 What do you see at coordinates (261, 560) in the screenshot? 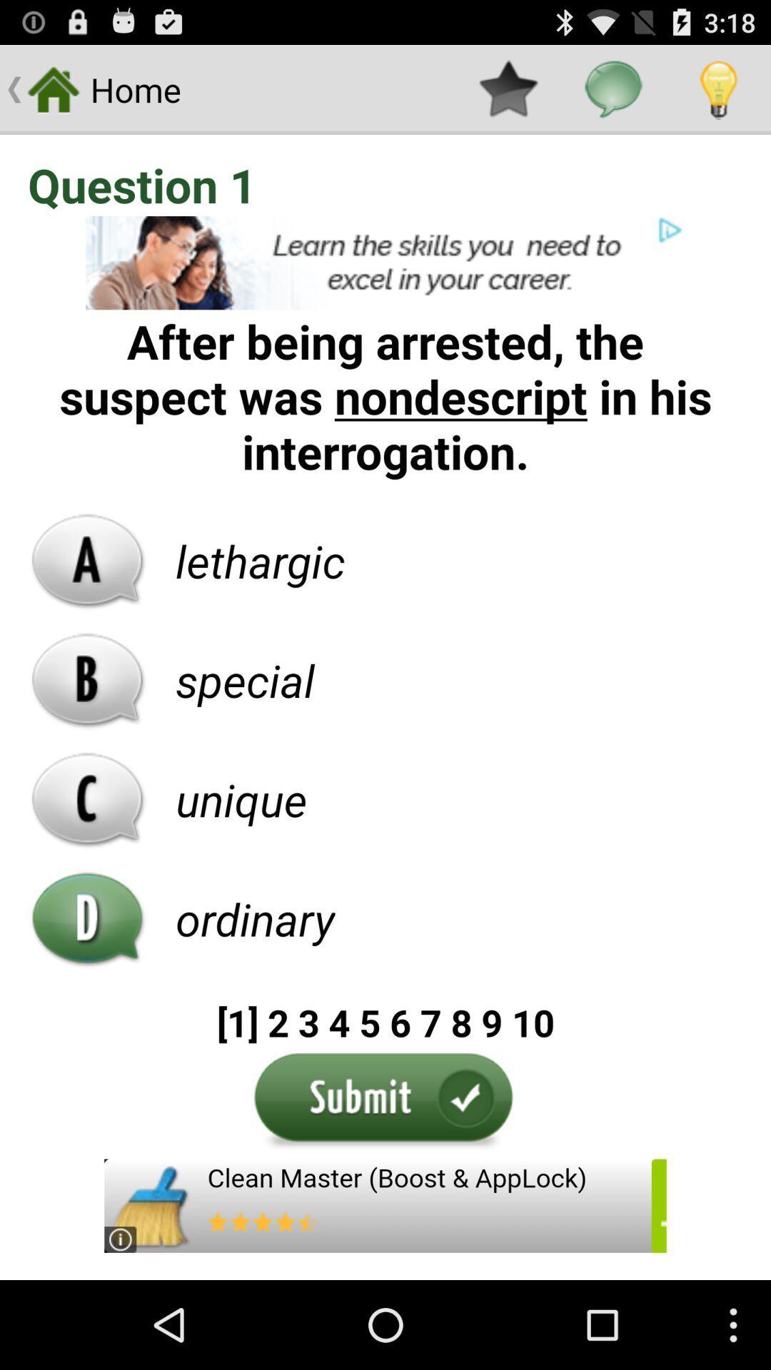
I see `the text above special` at bounding box center [261, 560].